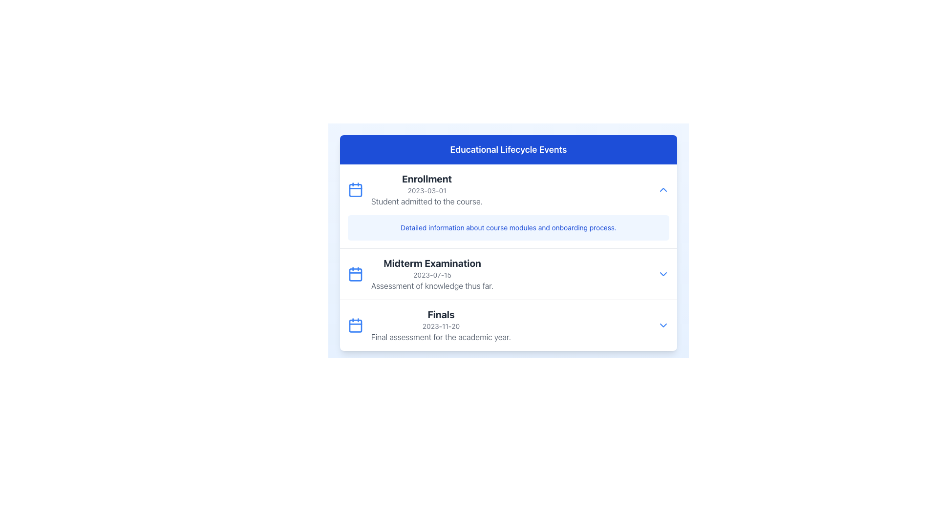 The width and height of the screenshot is (938, 527). I want to click on the calendar icon located in the 'Enrollment' section of the 'Educational Lifecycle Events' list, positioned to the left of the bold text 'Enrollment', so click(355, 190).